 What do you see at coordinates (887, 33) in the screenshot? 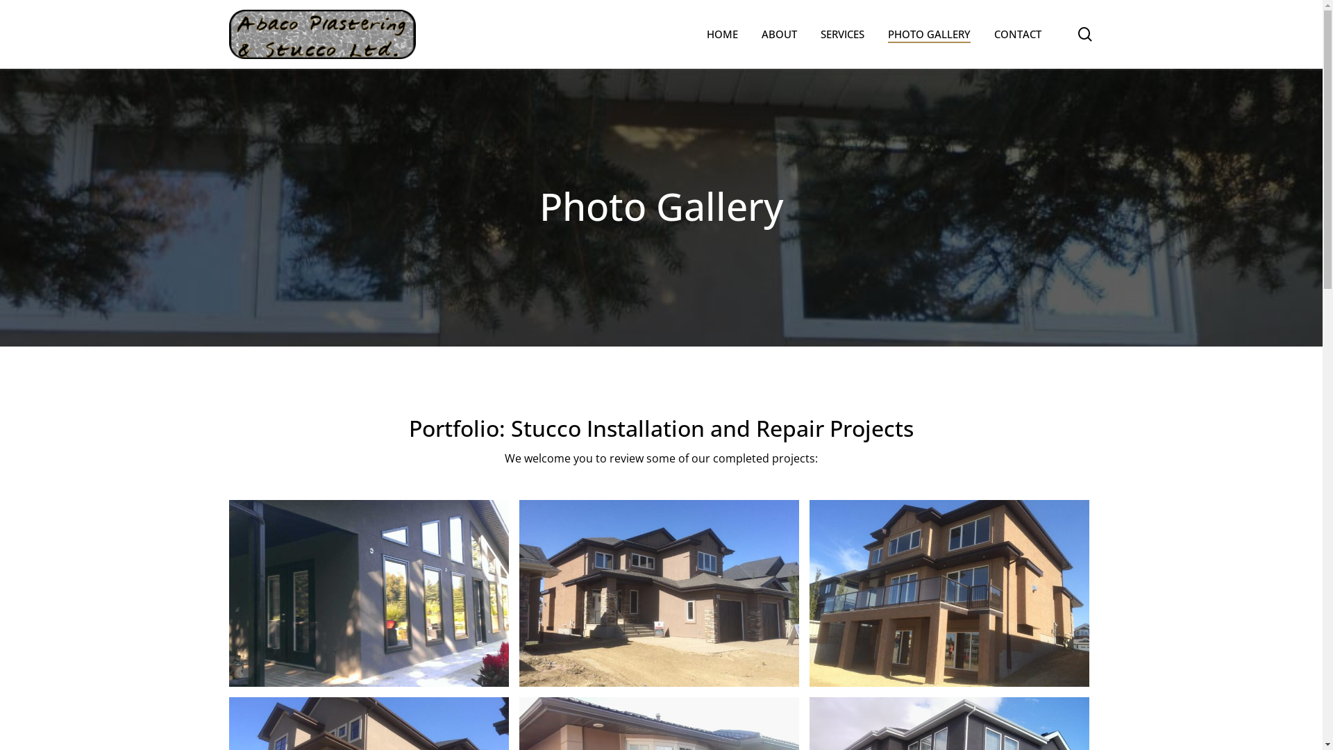
I see `'PHOTO GALLERY'` at bounding box center [887, 33].